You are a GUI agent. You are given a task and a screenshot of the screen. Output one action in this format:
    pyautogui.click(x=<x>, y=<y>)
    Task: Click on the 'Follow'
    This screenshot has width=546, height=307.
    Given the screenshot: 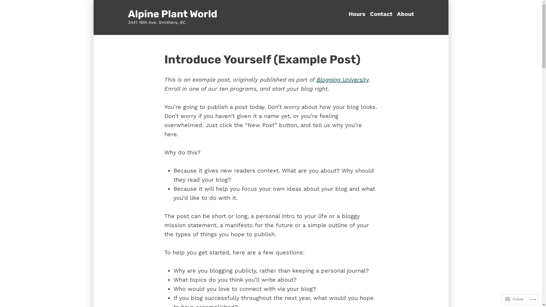 What is the action you would take?
    pyautogui.click(x=514, y=299)
    